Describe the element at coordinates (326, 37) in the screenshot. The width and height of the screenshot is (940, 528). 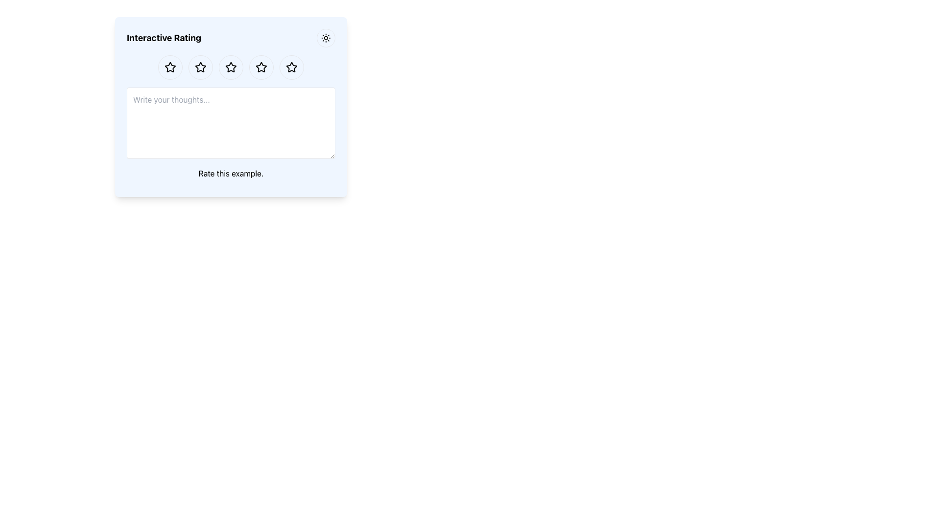
I see `the sun icon button located in the top-right corner of the card section` at that location.